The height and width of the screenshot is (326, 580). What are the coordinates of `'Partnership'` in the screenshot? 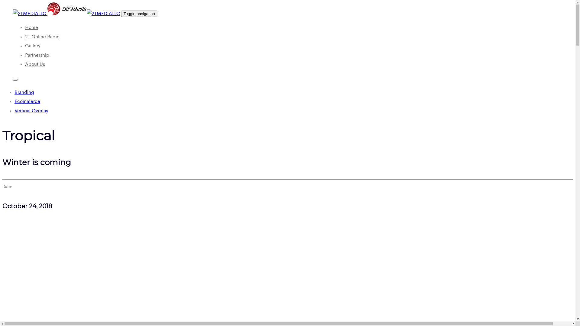 It's located at (37, 56).